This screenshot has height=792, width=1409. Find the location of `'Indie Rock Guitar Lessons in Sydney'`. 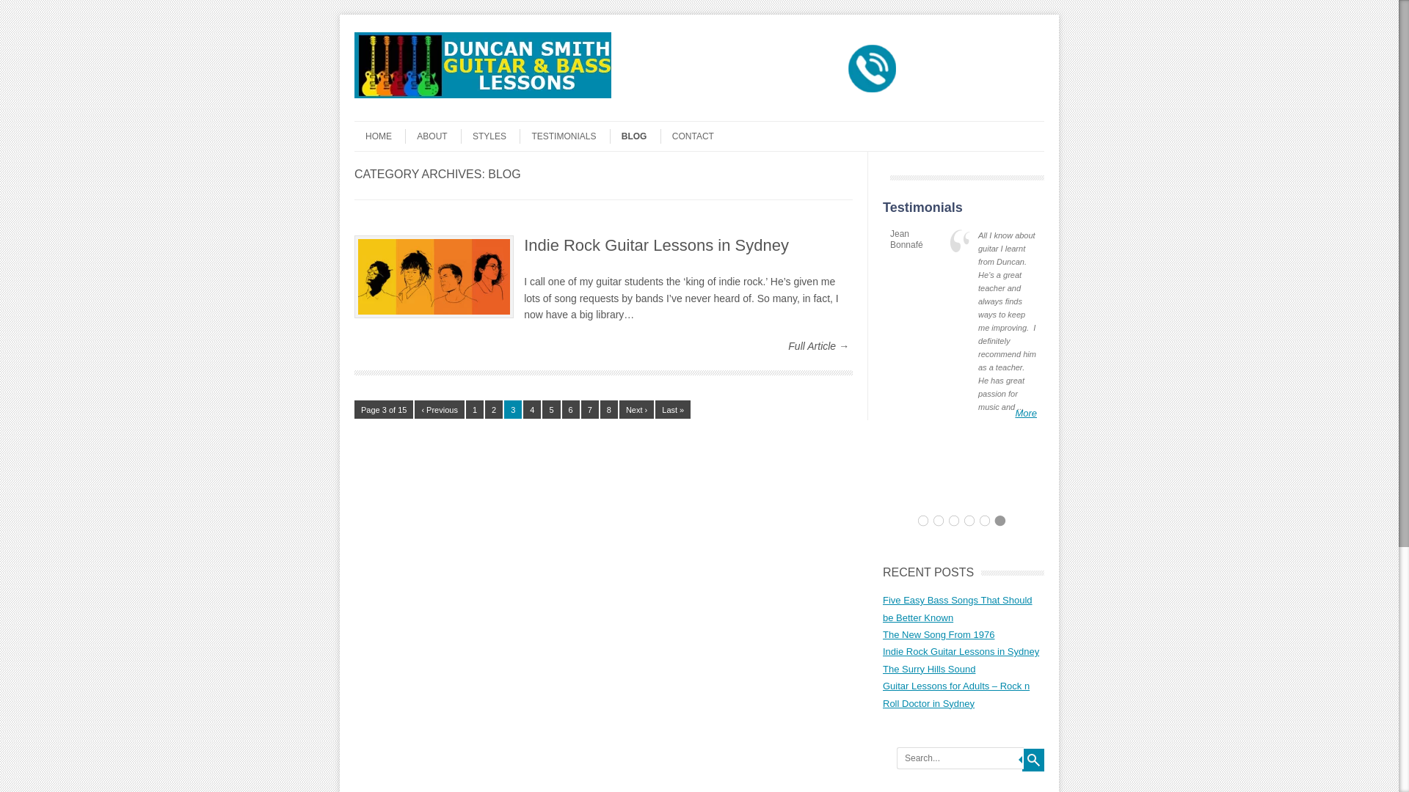

'Indie Rock Guitar Lessons in Sydney' is located at coordinates (655, 244).